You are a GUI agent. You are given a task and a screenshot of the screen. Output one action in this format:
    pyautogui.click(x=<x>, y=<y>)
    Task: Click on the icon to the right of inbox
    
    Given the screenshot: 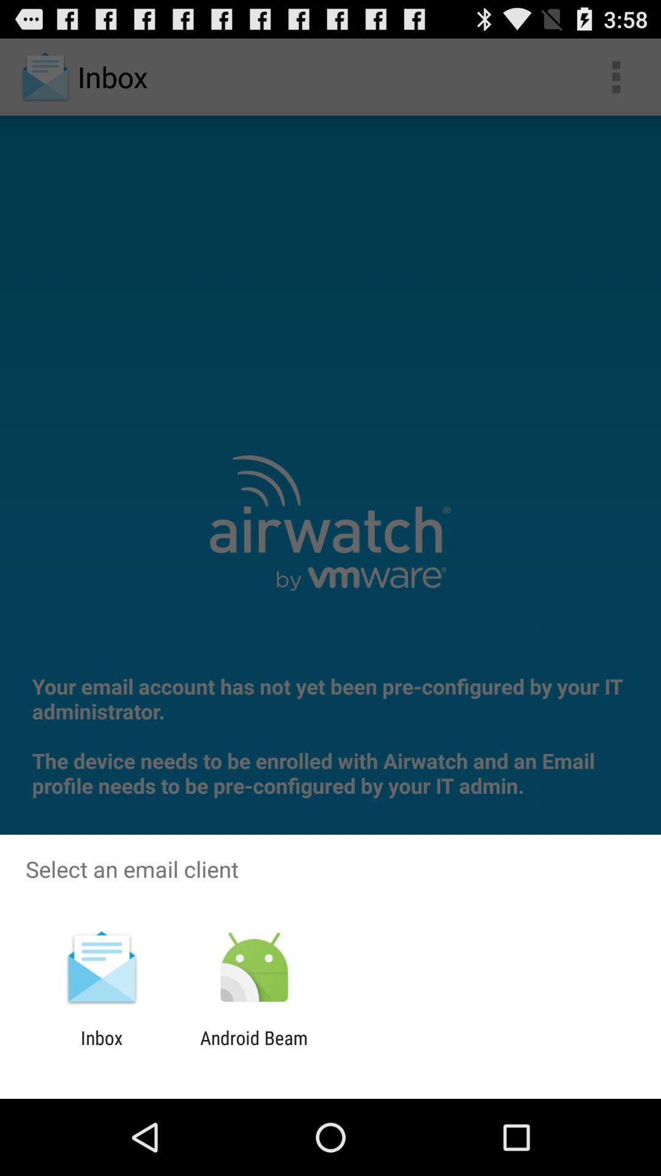 What is the action you would take?
    pyautogui.click(x=253, y=1048)
    